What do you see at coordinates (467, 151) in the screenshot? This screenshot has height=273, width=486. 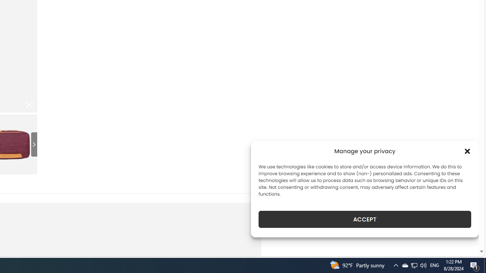 I see `'Class: cmplz-close'` at bounding box center [467, 151].